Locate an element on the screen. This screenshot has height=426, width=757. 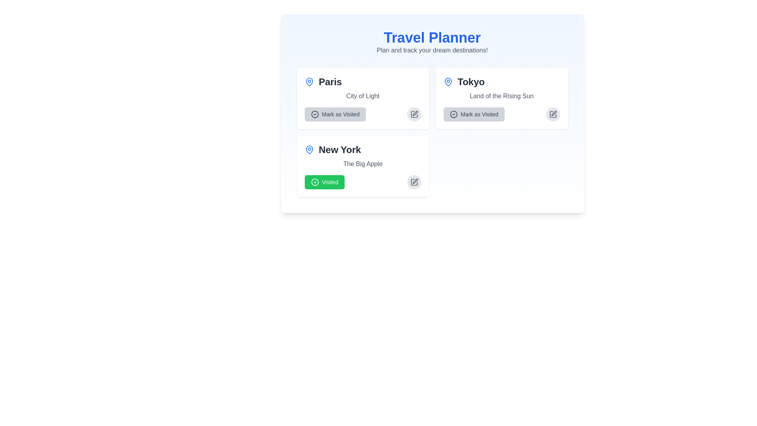
the icon indicating the status of the 'Paris' destination, which is positioned in the top-left section of the interface adjacent to the 'Mark as Visited' button is located at coordinates (314, 114).